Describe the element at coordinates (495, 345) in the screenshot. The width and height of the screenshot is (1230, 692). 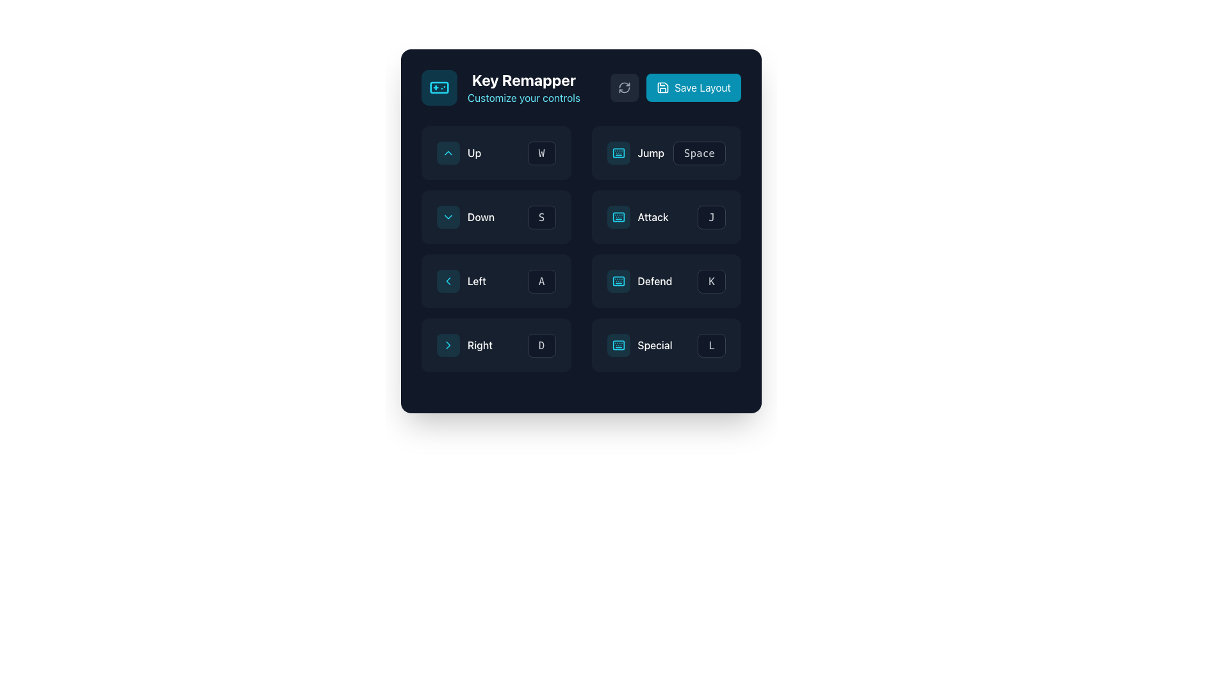
I see `the button` at that location.